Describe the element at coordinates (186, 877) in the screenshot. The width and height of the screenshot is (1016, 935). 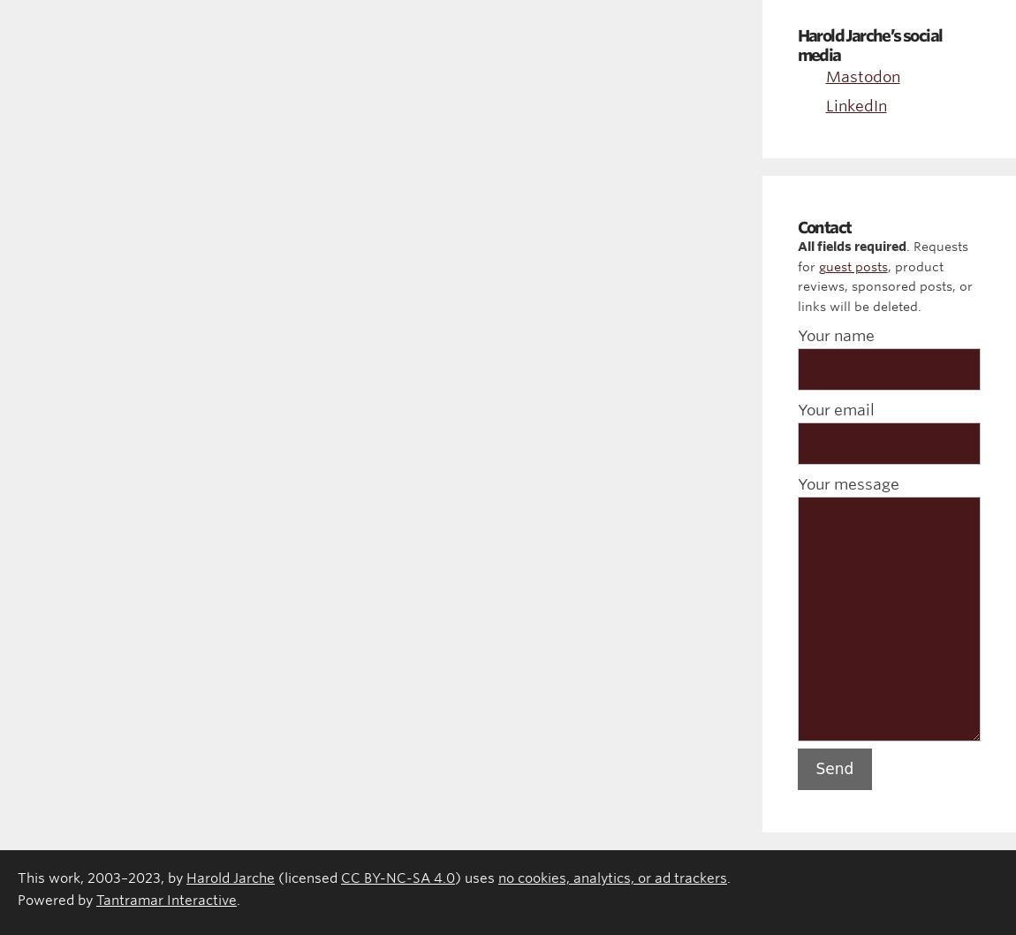
I see `'Harold Jarche'` at that location.